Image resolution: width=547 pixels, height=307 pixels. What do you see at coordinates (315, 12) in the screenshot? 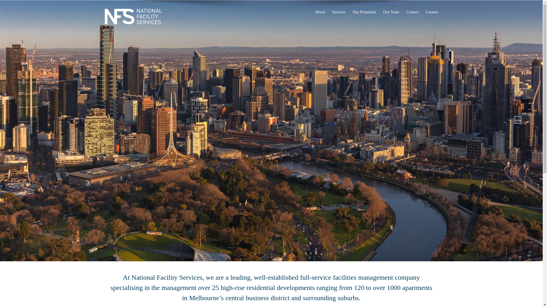
I see `'About'` at bounding box center [315, 12].